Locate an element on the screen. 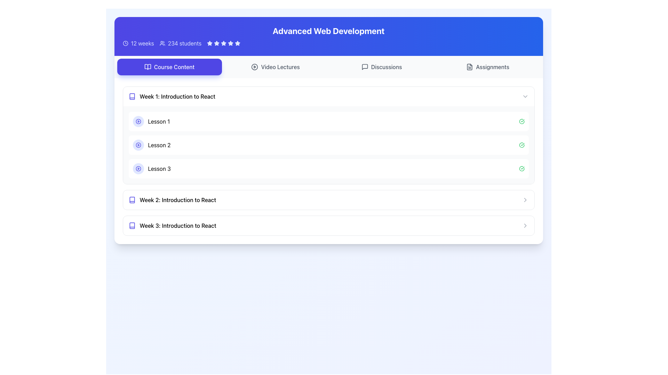 This screenshot has height=375, width=668. the 'Assignments' label, which is styled with a medium font weight and located in the top-right corner of the interface, next to the 'Discussions' label and a document icon is located at coordinates (492, 67).